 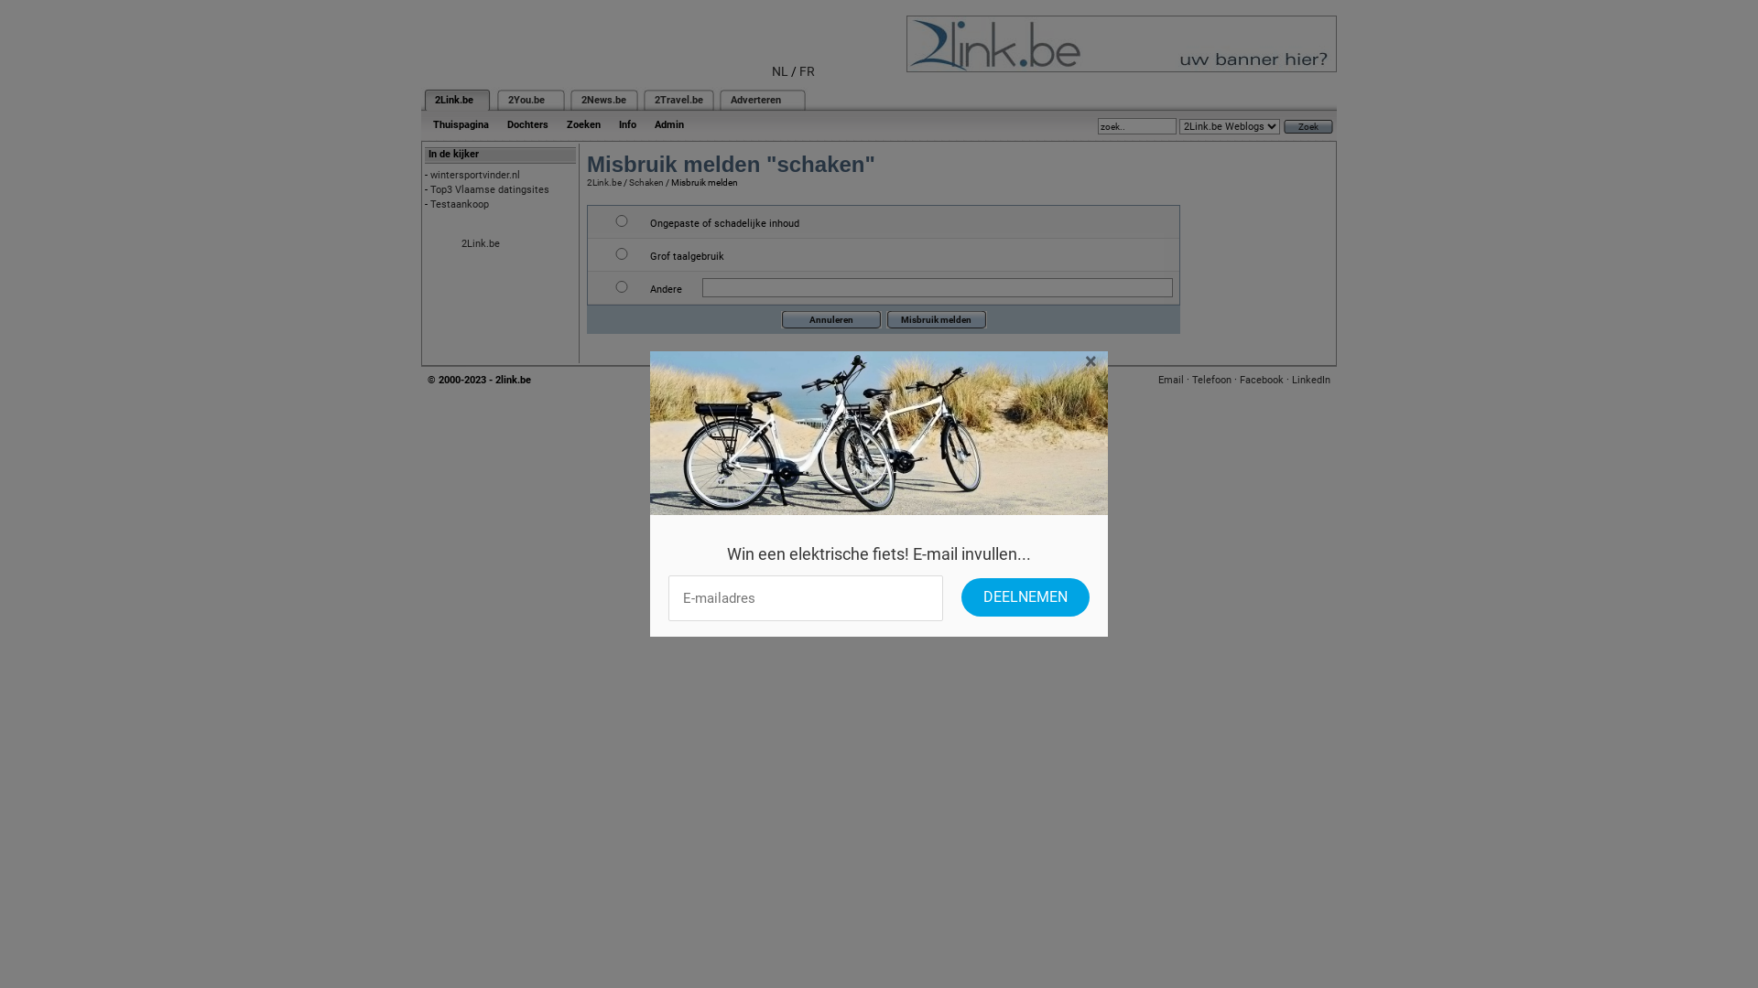 I want to click on 'FR', so click(x=806, y=70).